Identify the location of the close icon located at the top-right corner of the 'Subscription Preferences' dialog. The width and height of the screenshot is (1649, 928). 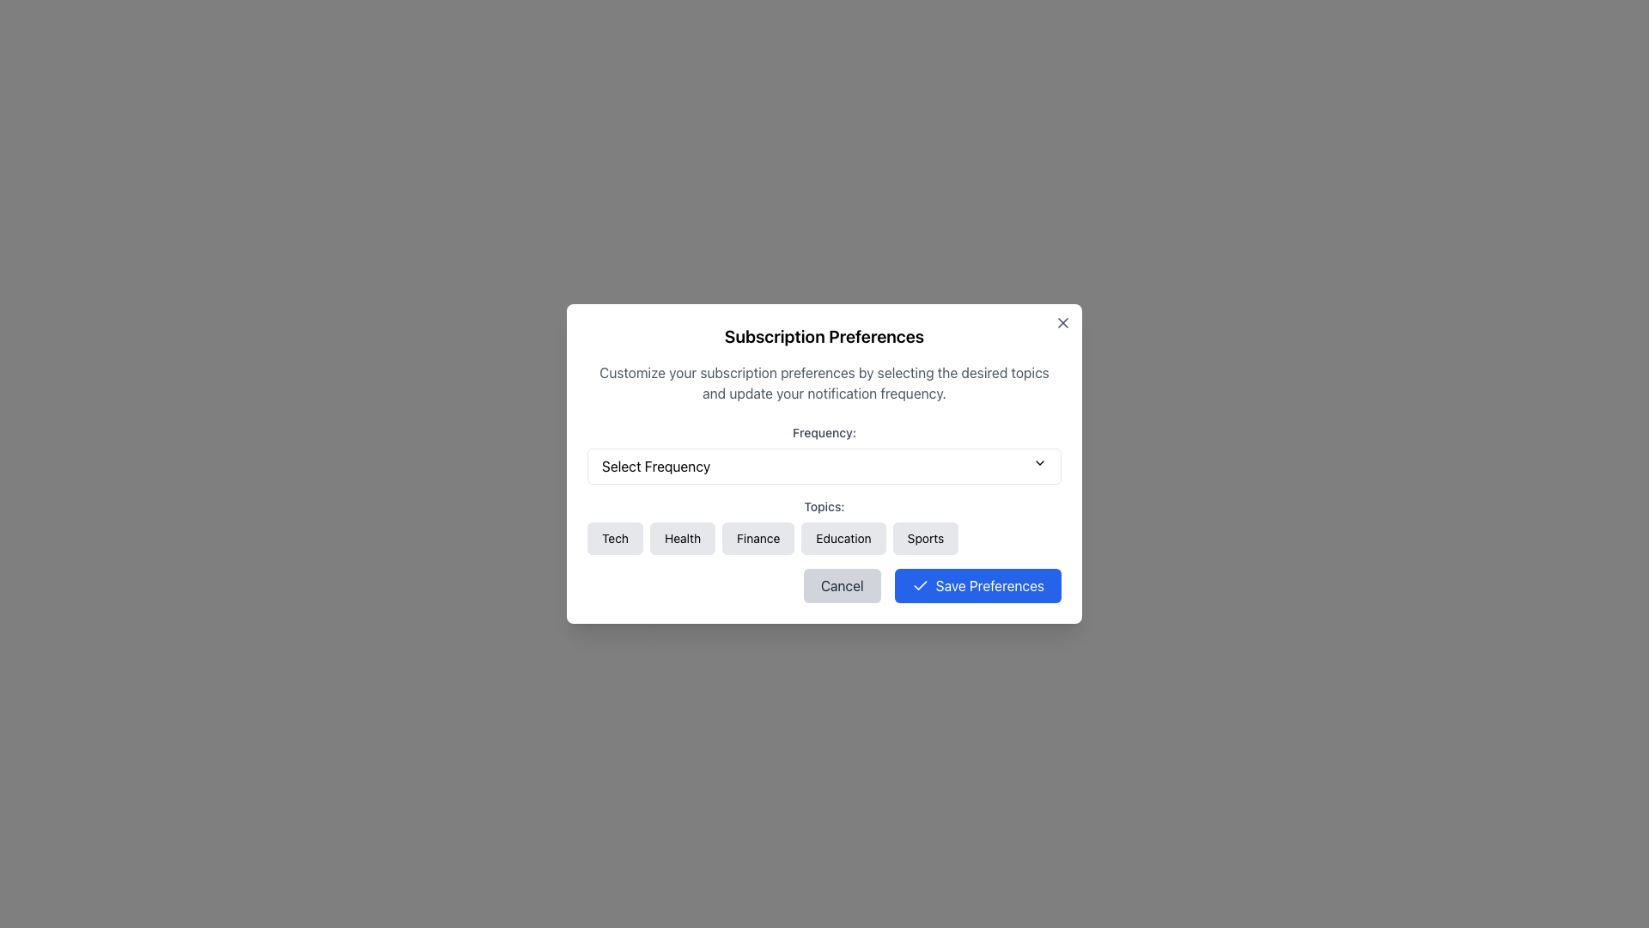
(1062, 322).